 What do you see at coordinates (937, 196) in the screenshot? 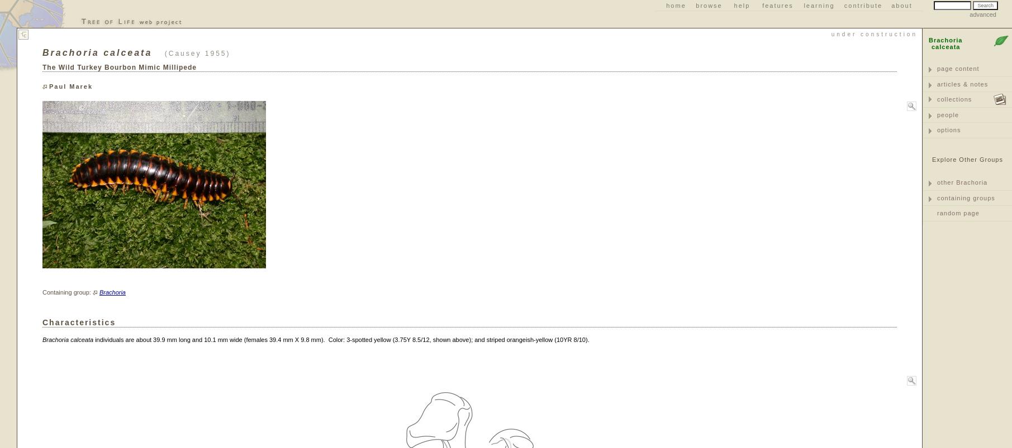
I see `'containing groups'` at bounding box center [937, 196].